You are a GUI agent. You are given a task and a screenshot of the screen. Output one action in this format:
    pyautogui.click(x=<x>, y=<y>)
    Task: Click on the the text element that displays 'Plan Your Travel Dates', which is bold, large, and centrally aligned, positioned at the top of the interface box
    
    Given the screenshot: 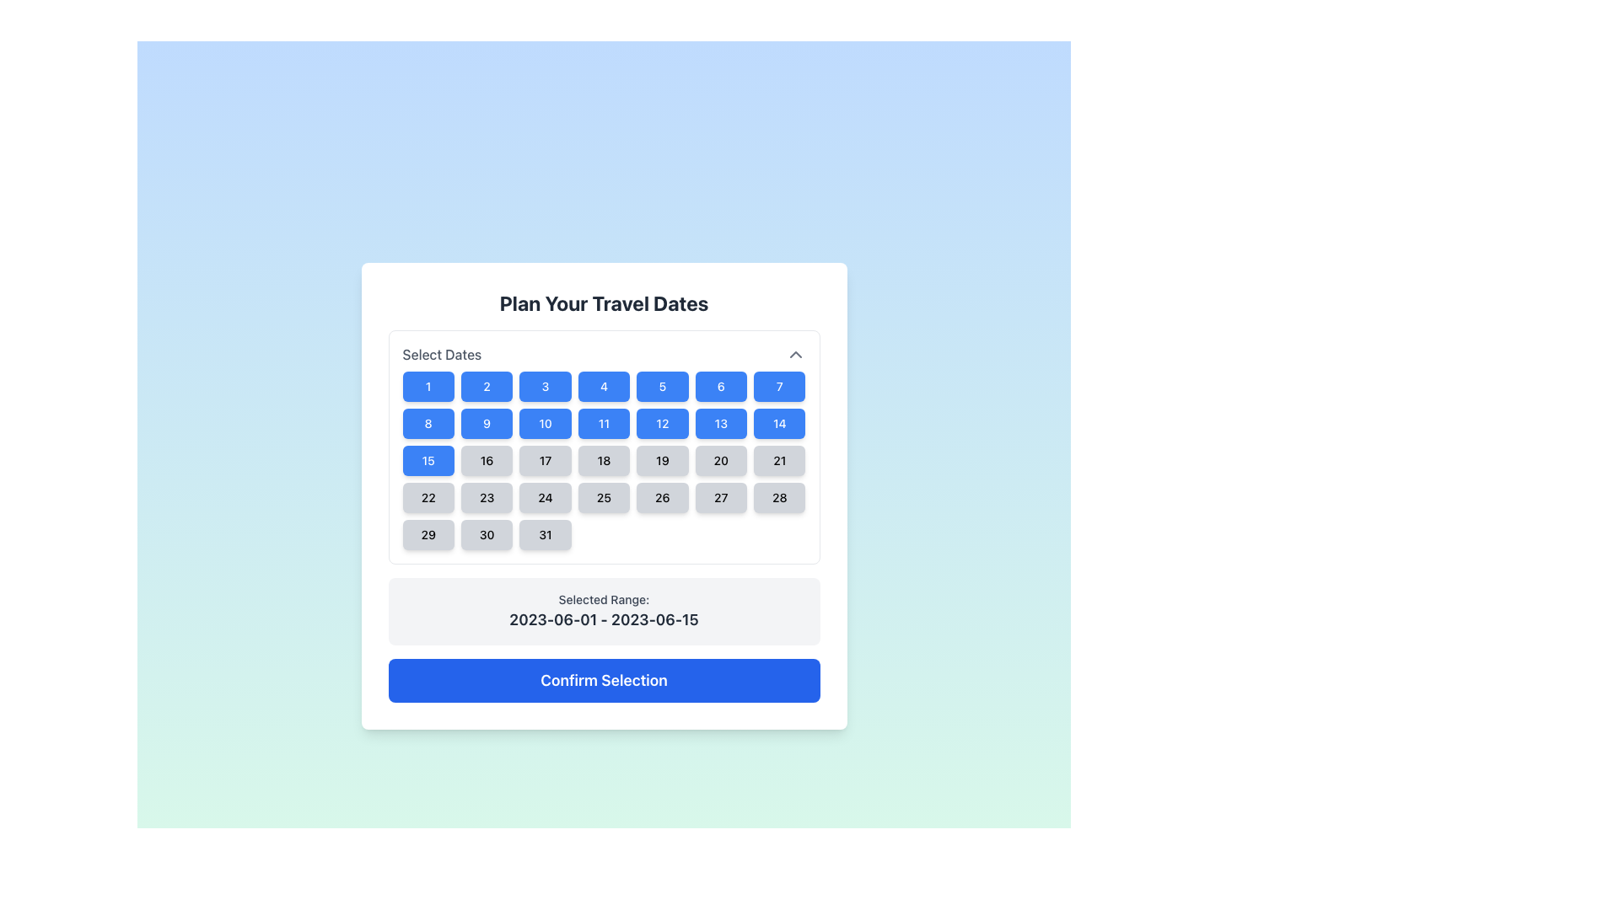 What is the action you would take?
    pyautogui.click(x=604, y=302)
    